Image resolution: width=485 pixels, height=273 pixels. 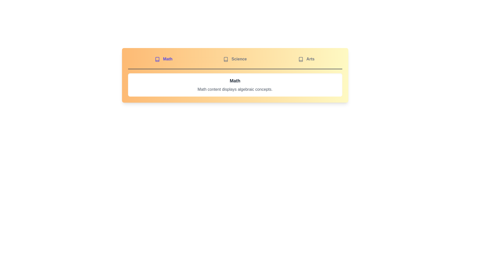 I want to click on the Arts tab to switch to its content, so click(x=306, y=59).